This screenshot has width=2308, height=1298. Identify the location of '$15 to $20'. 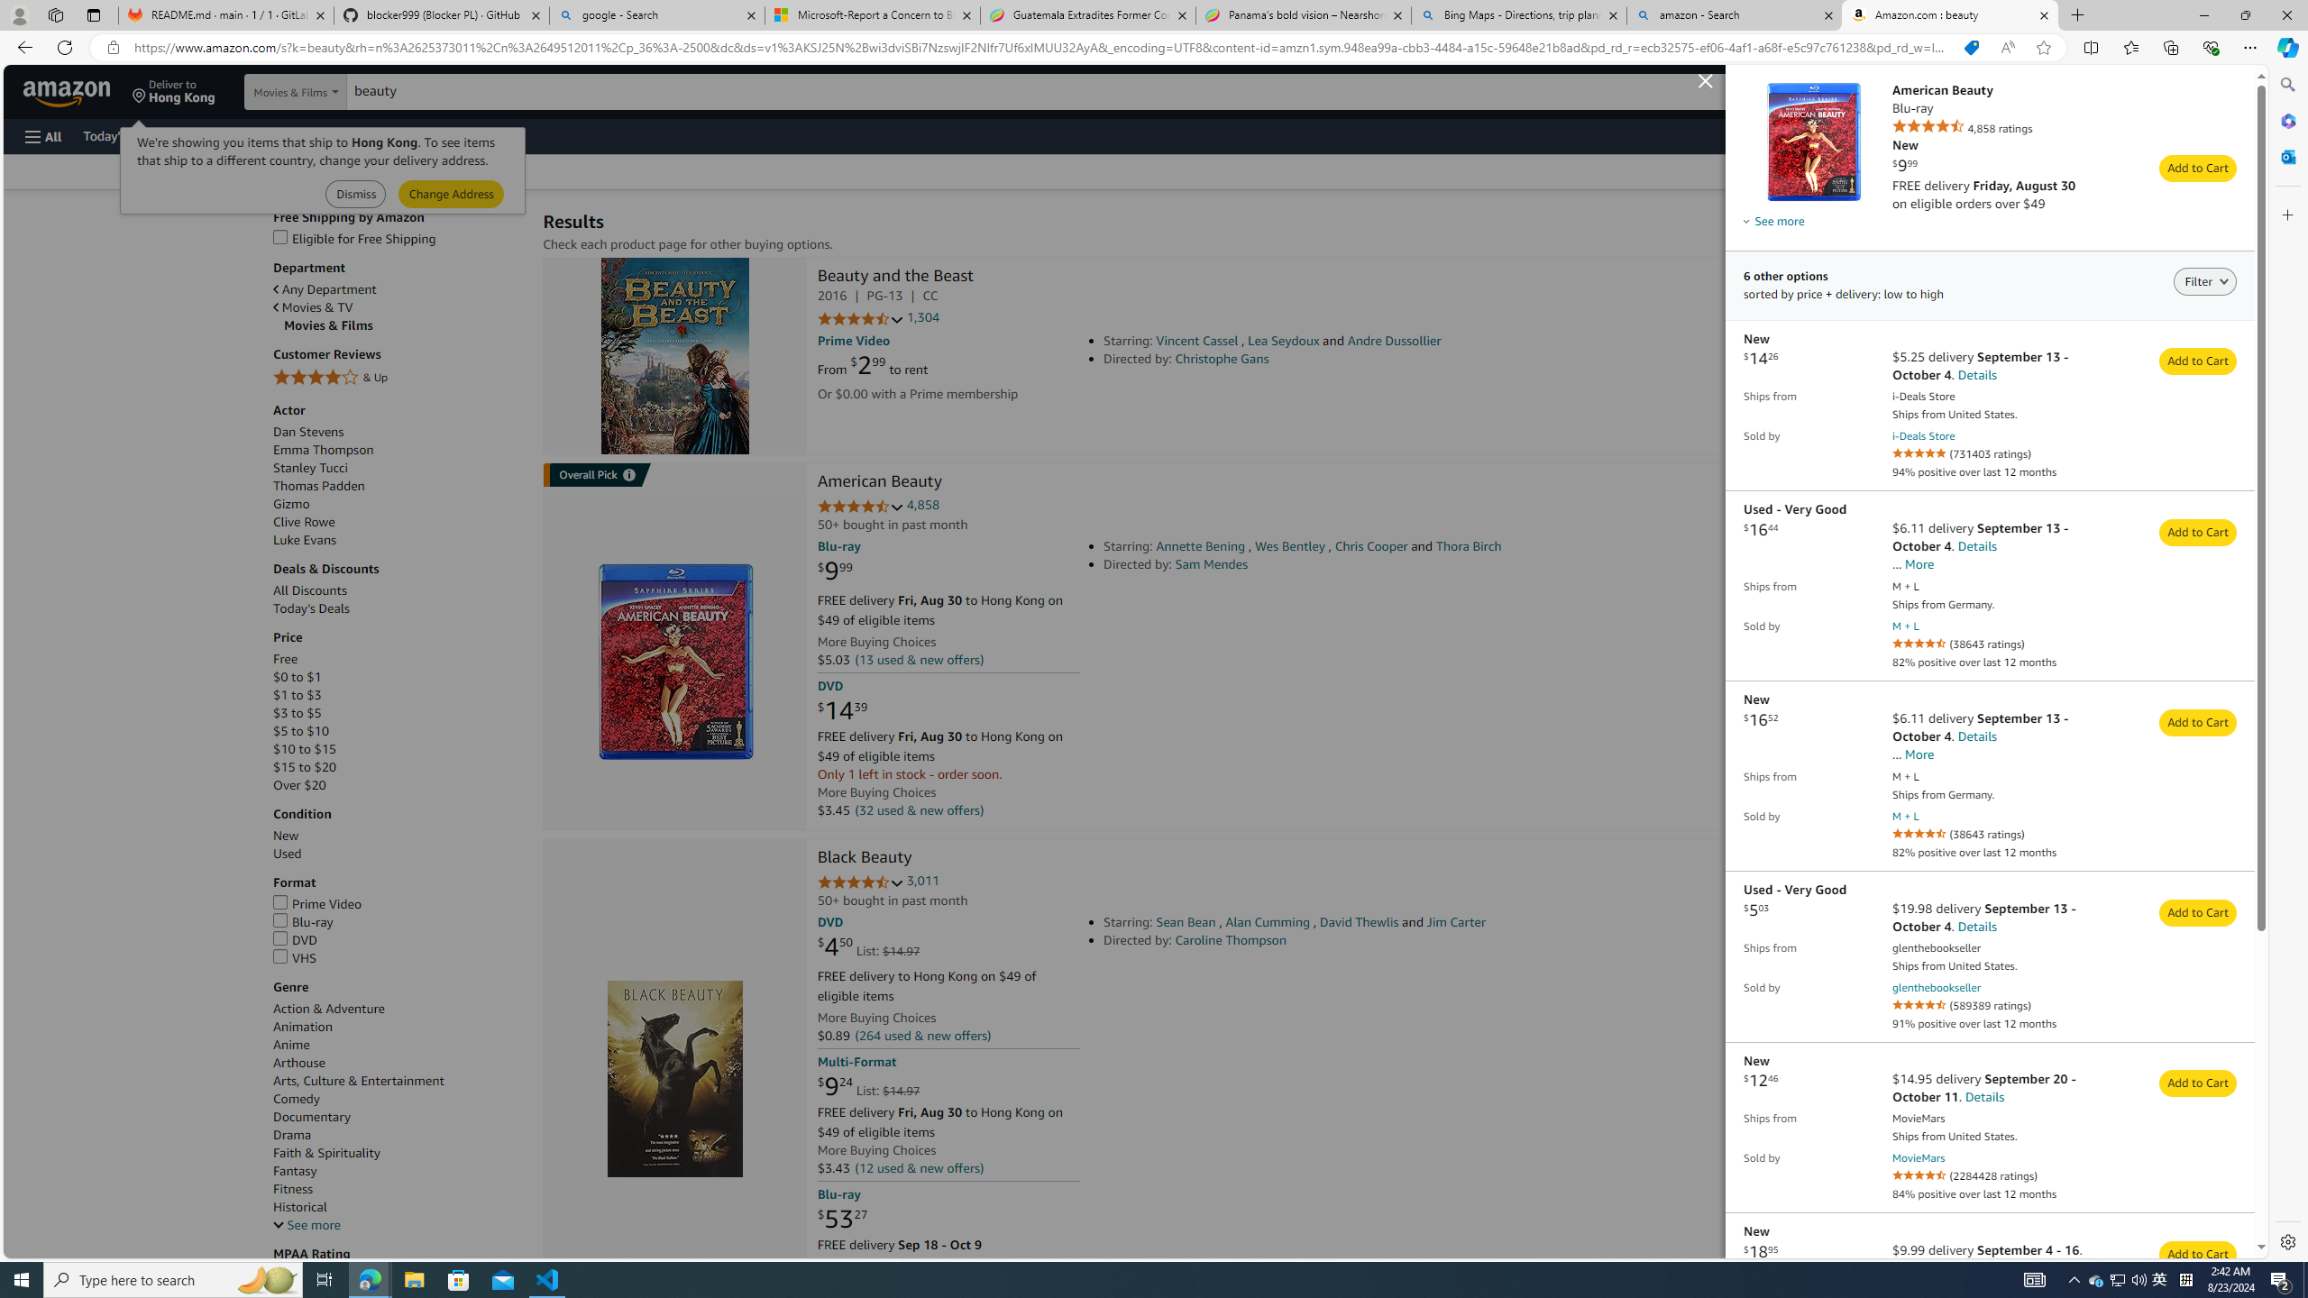
(398, 766).